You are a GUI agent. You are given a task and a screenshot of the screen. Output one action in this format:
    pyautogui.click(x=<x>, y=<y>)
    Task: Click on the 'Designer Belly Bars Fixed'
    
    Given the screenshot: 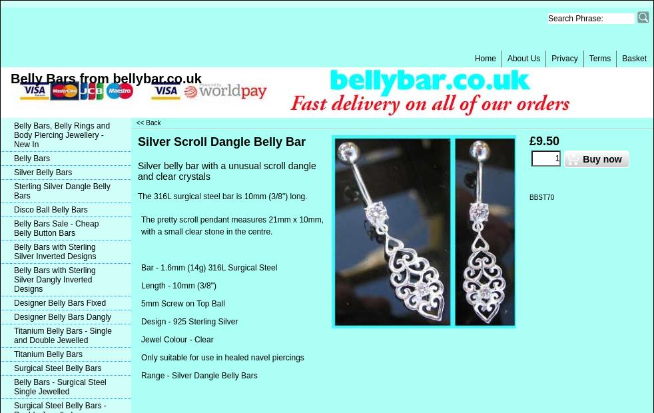 What is the action you would take?
    pyautogui.click(x=59, y=303)
    